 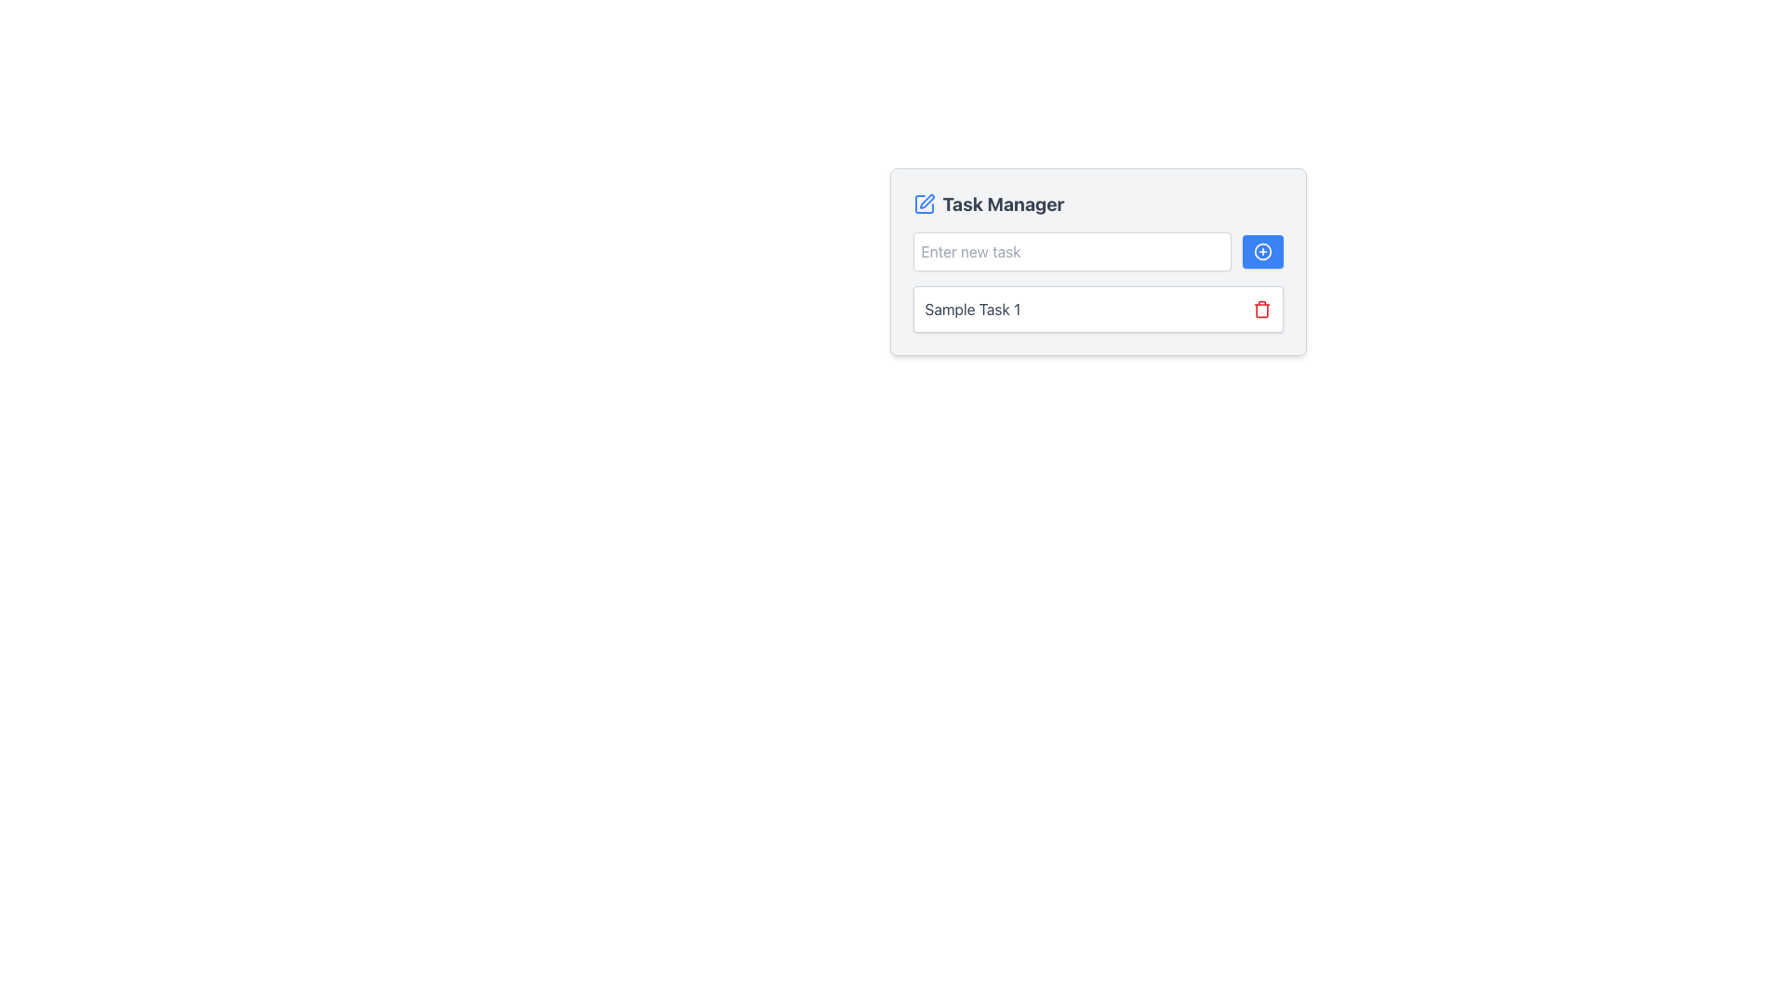 I want to click on the red-colored trash icon resembling a delete button located to the far right of the 'Sample Task 1' entry in the Task Manager section to potentially view a tooltip, so click(x=1261, y=308).